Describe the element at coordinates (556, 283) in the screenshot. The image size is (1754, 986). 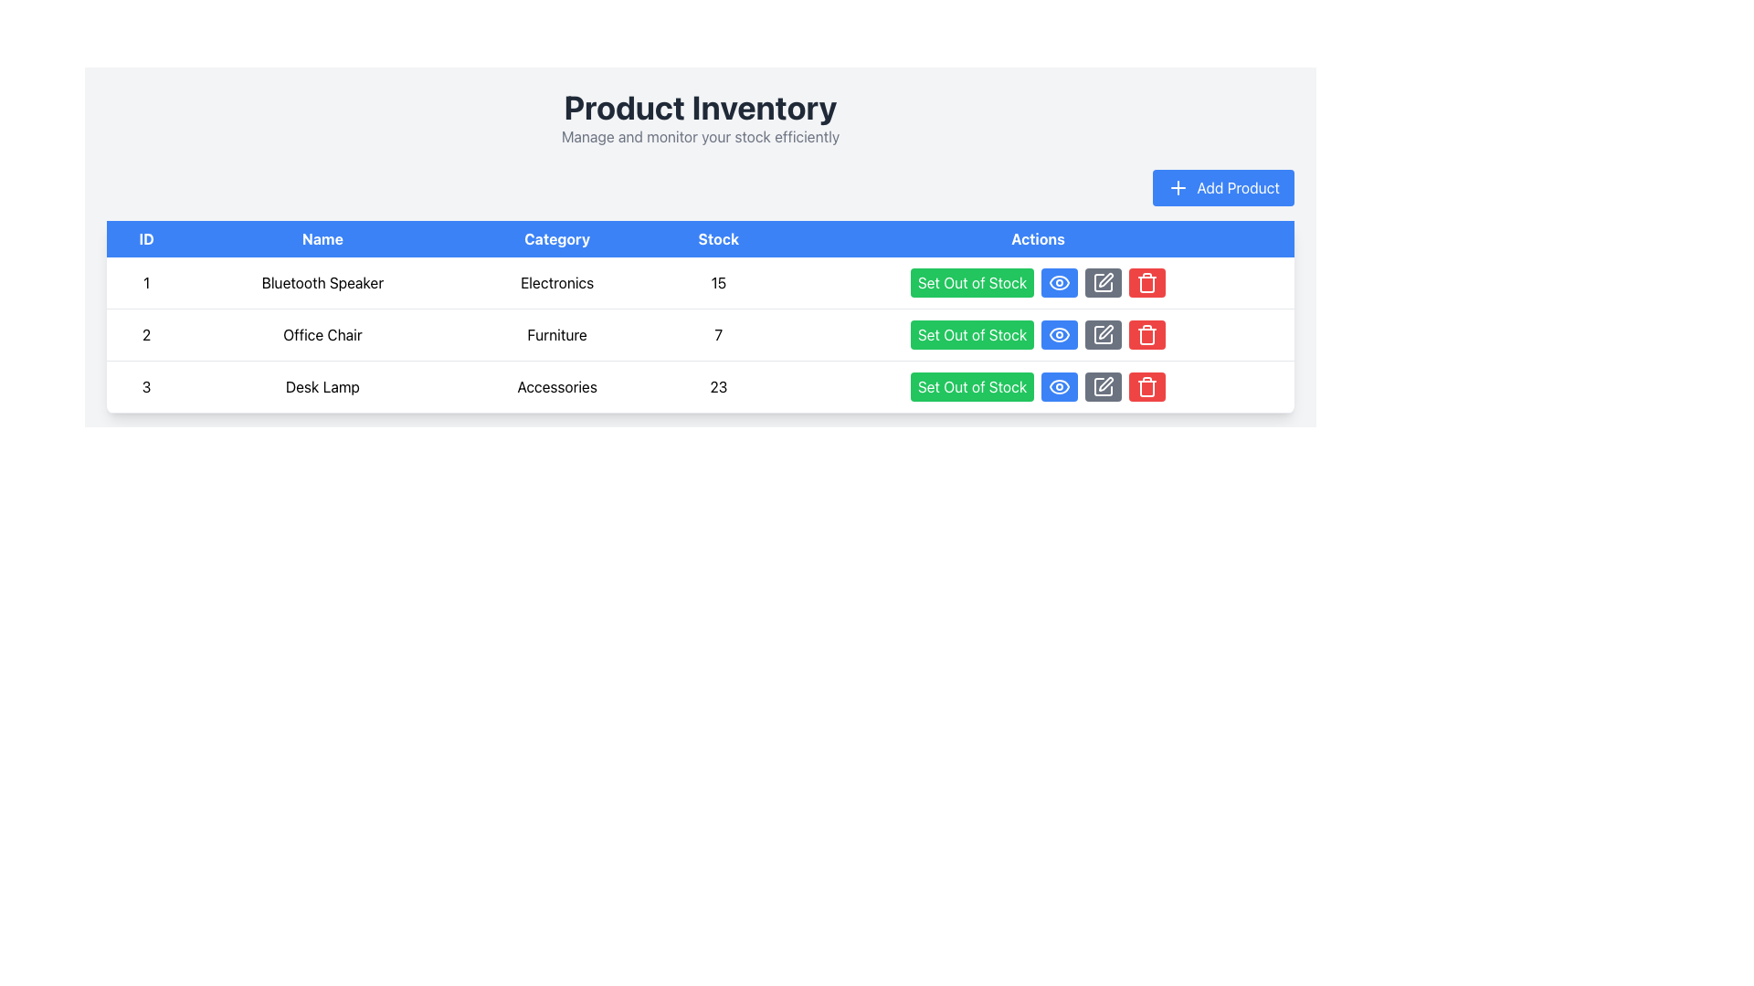
I see `the table cell in the 'Category' column of the first row under 'Product Inventory', which displays the product classification for 'Bluetooth Speaker'` at that location.